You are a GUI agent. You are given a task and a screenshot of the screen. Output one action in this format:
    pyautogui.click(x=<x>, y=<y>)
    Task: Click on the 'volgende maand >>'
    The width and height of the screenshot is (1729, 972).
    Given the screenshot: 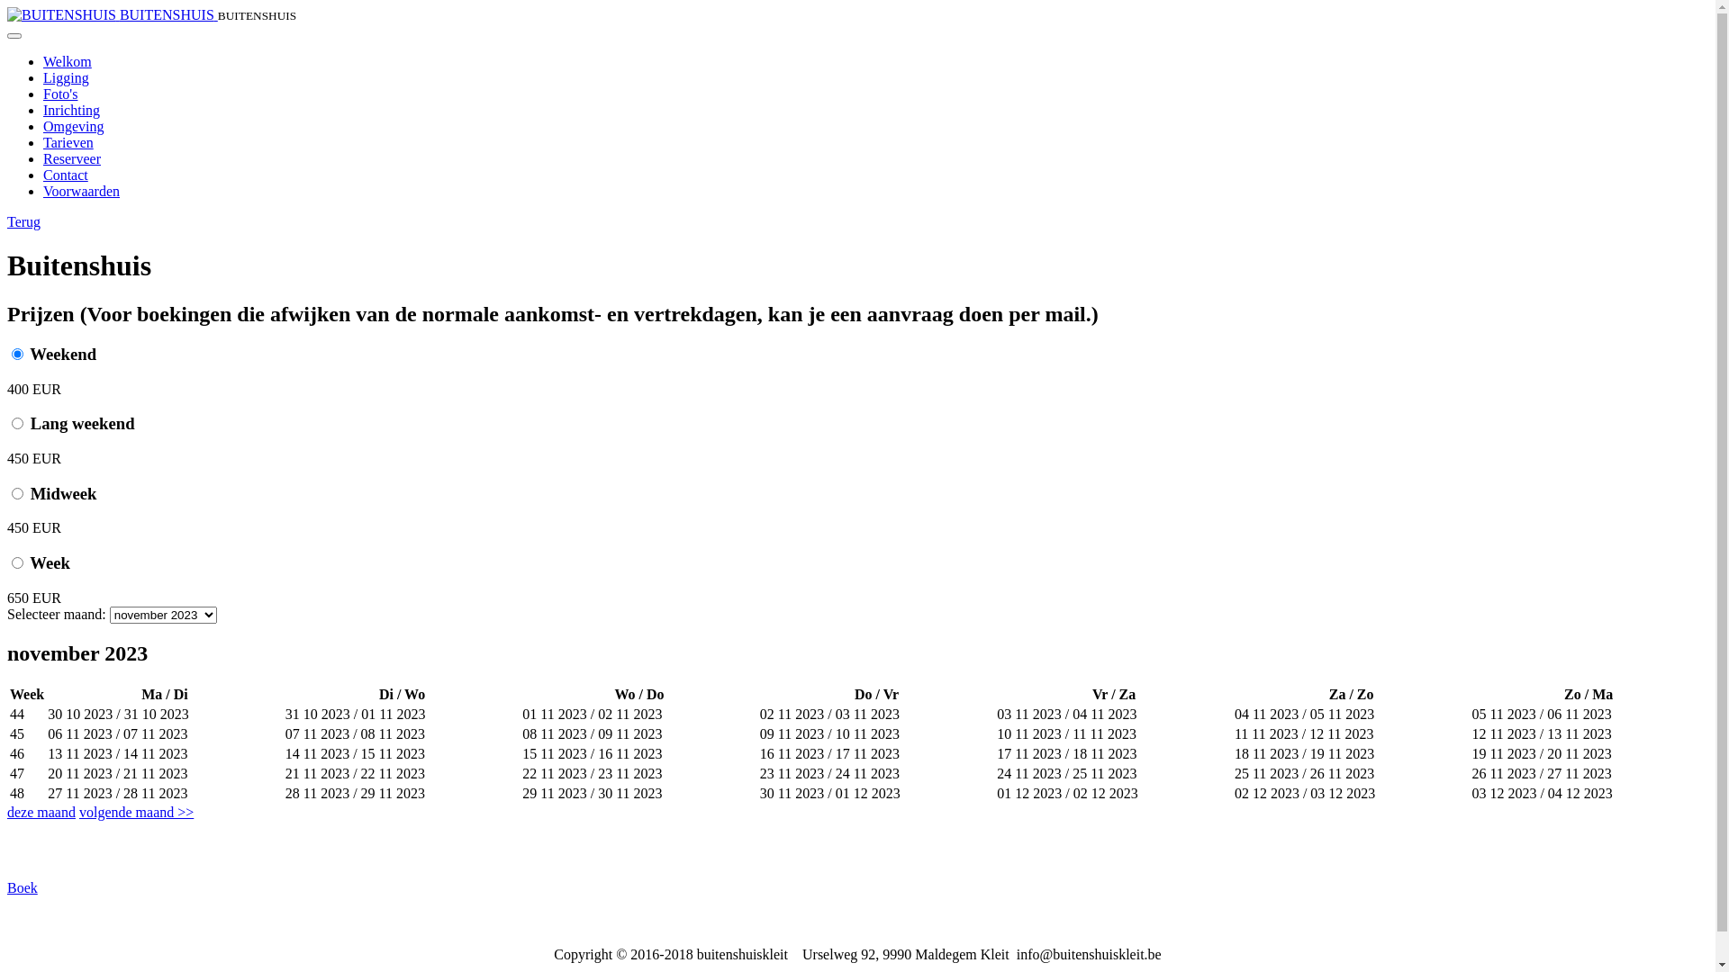 What is the action you would take?
    pyautogui.click(x=135, y=812)
    